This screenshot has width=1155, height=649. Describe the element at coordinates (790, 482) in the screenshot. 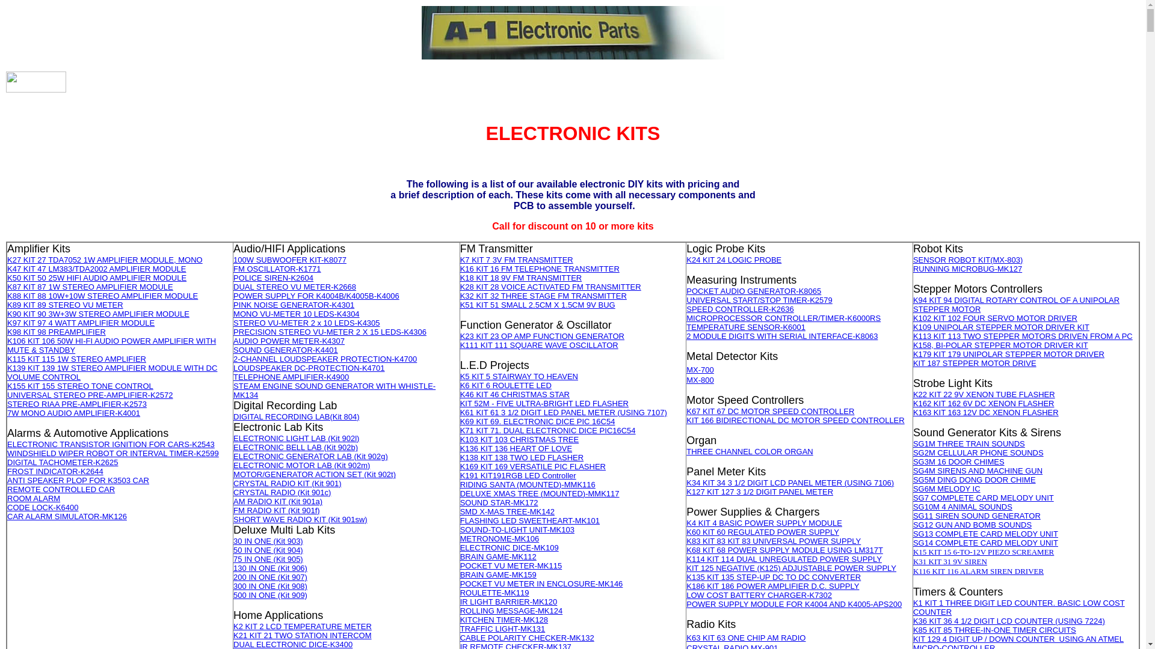

I see `'K34 KIT 34 3 1/2 DIGIT LCD PANEL METER (USING 7106)'` at that location.